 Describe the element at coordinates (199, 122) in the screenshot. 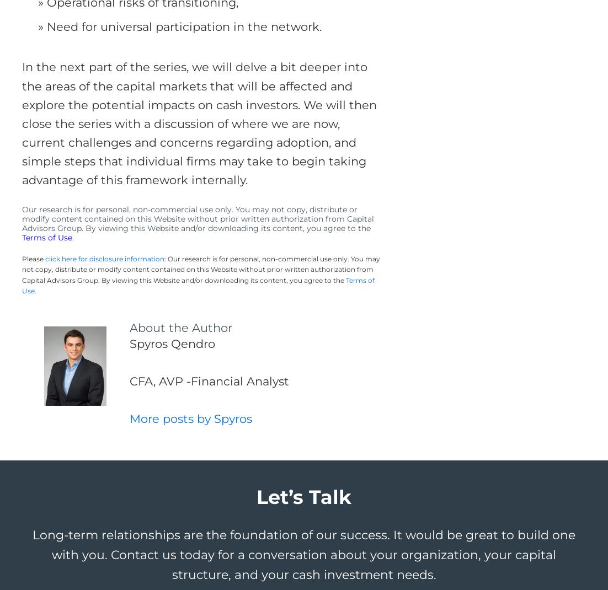

I see `'In the next part of the series, we will delve a bit deeper into the areas of the capital markets that will be affected and explore the potential impacts on cash investors. We will then close the series with a discussion of where we are now, current challenges and concerns regarding adoption, and simple steps that individual firms may take to begin taking advantage of this framework internally.'` at that location.